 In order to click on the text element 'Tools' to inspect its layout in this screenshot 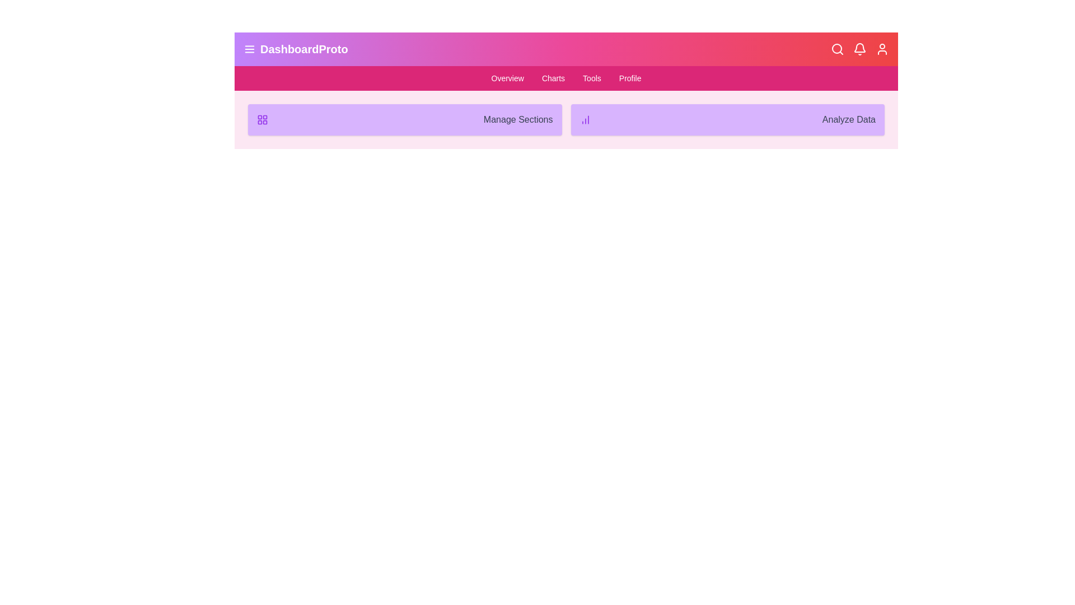, I will do `click(591, 77)`.